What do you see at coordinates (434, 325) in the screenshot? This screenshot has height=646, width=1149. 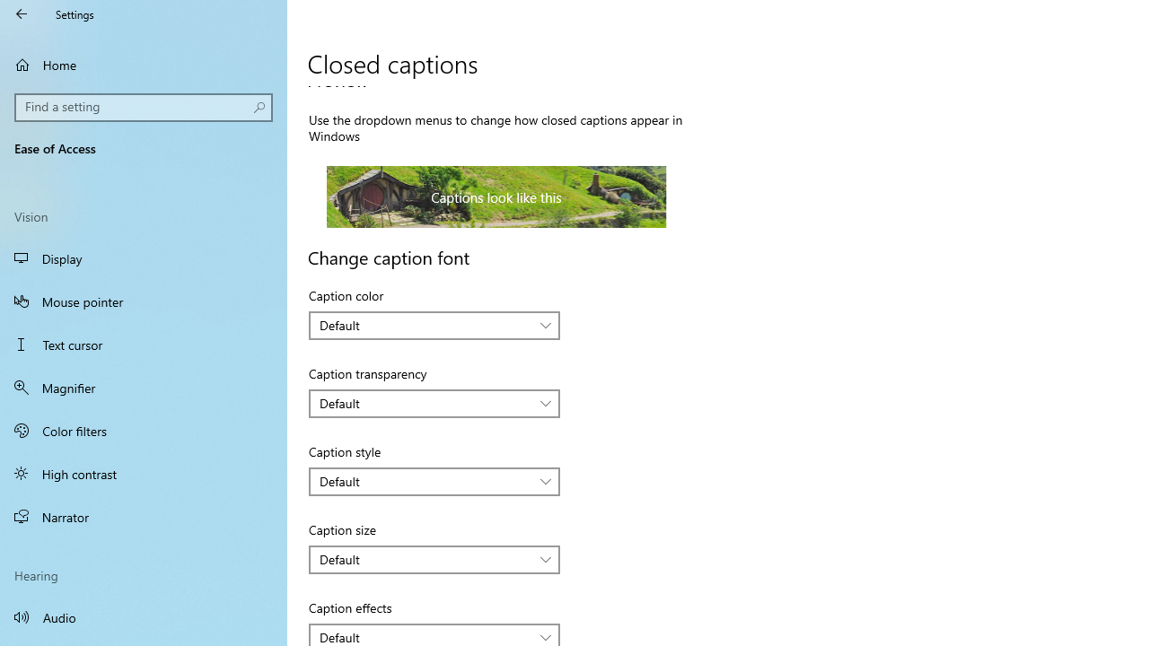 I see `'Caption color'` at bounding box center [434, 325].